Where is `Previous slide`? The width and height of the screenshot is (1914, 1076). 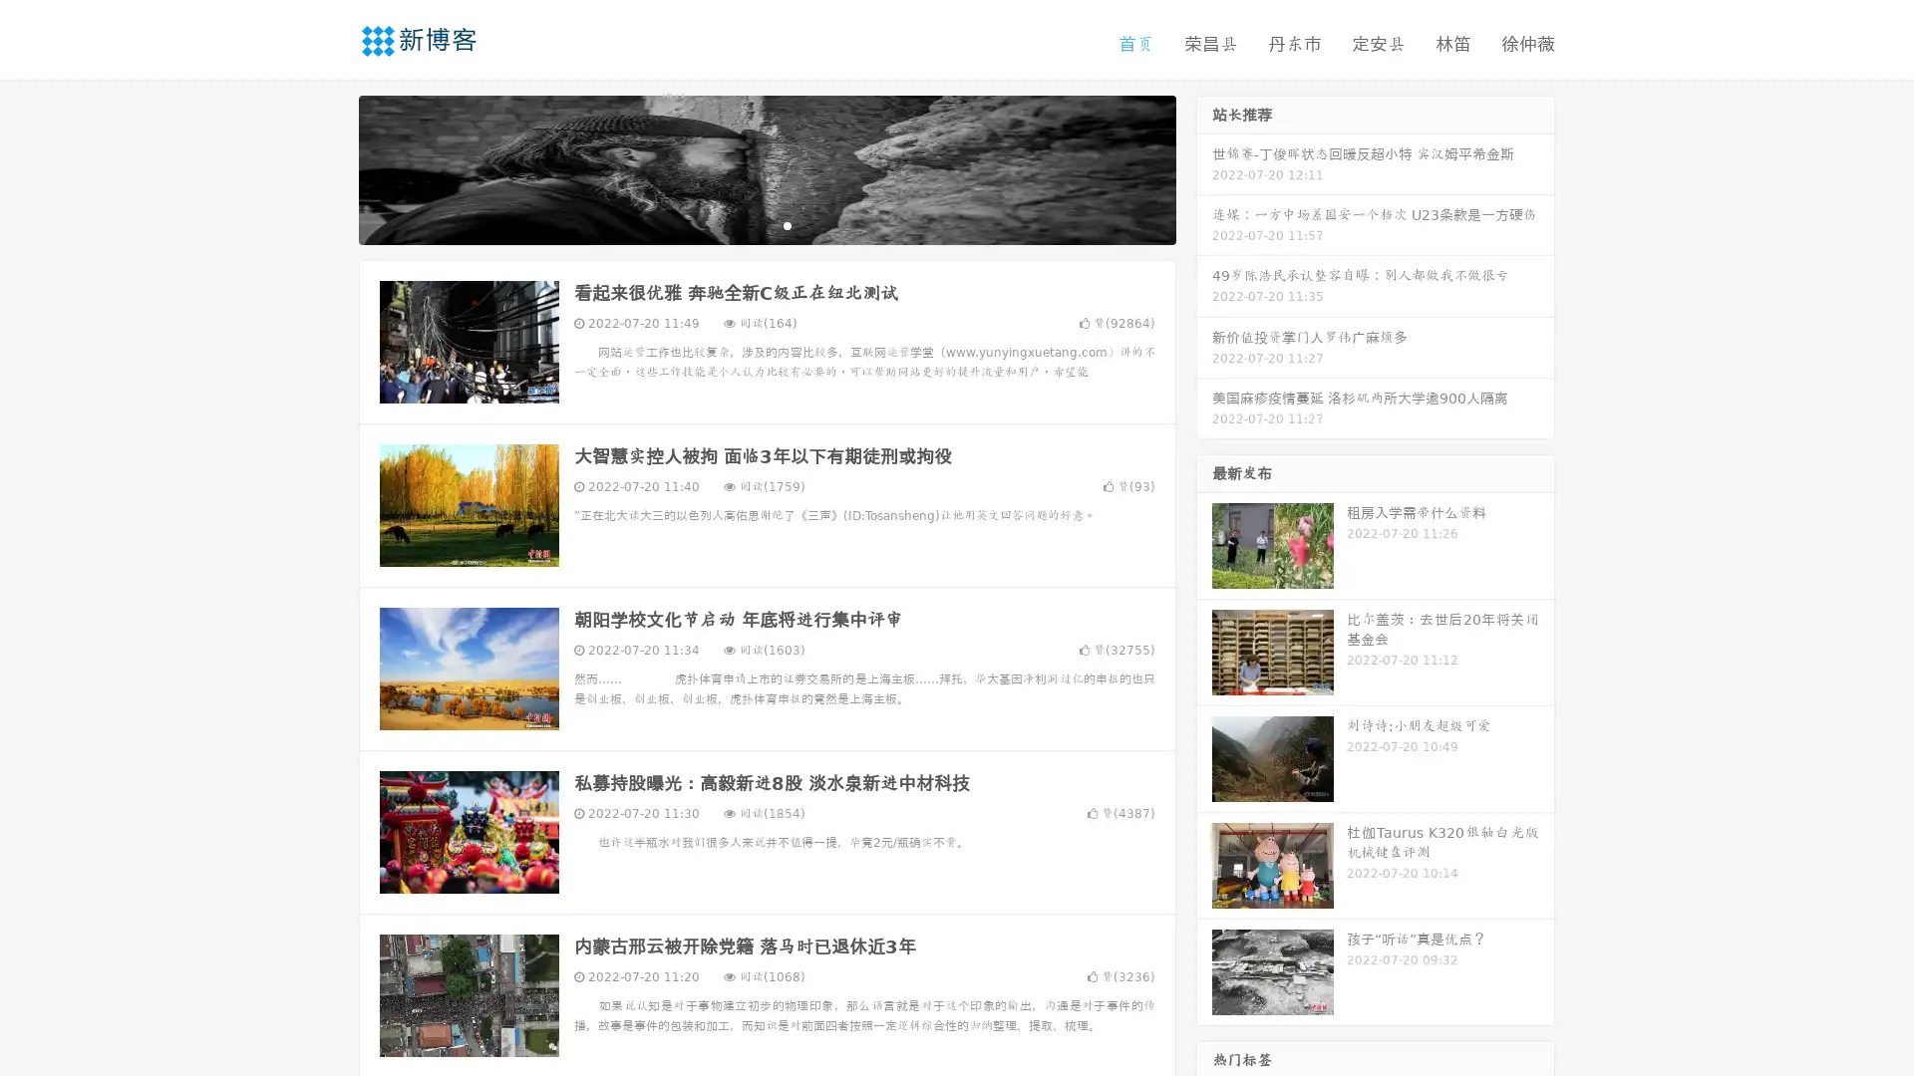 Previous slide is located at coordinates (329, 167).